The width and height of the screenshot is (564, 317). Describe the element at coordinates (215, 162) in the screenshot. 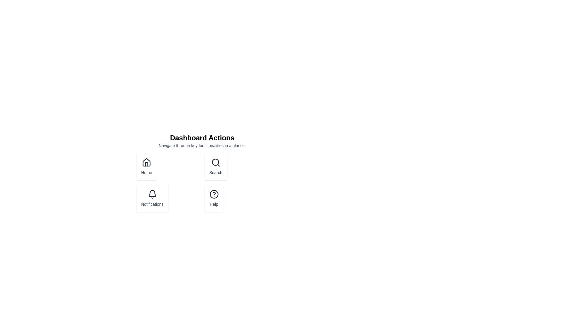

I see `the circular lens of the magnifying glass icon labeled 'Search' located in the top-right quadrant of the grid layout` at that location.